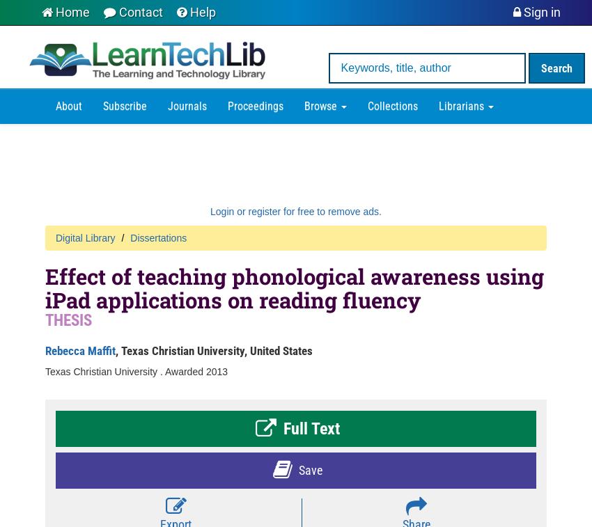 This screenshot has height=527, width=592. I want to click on 'Texas Christian University', so click(45, 371).